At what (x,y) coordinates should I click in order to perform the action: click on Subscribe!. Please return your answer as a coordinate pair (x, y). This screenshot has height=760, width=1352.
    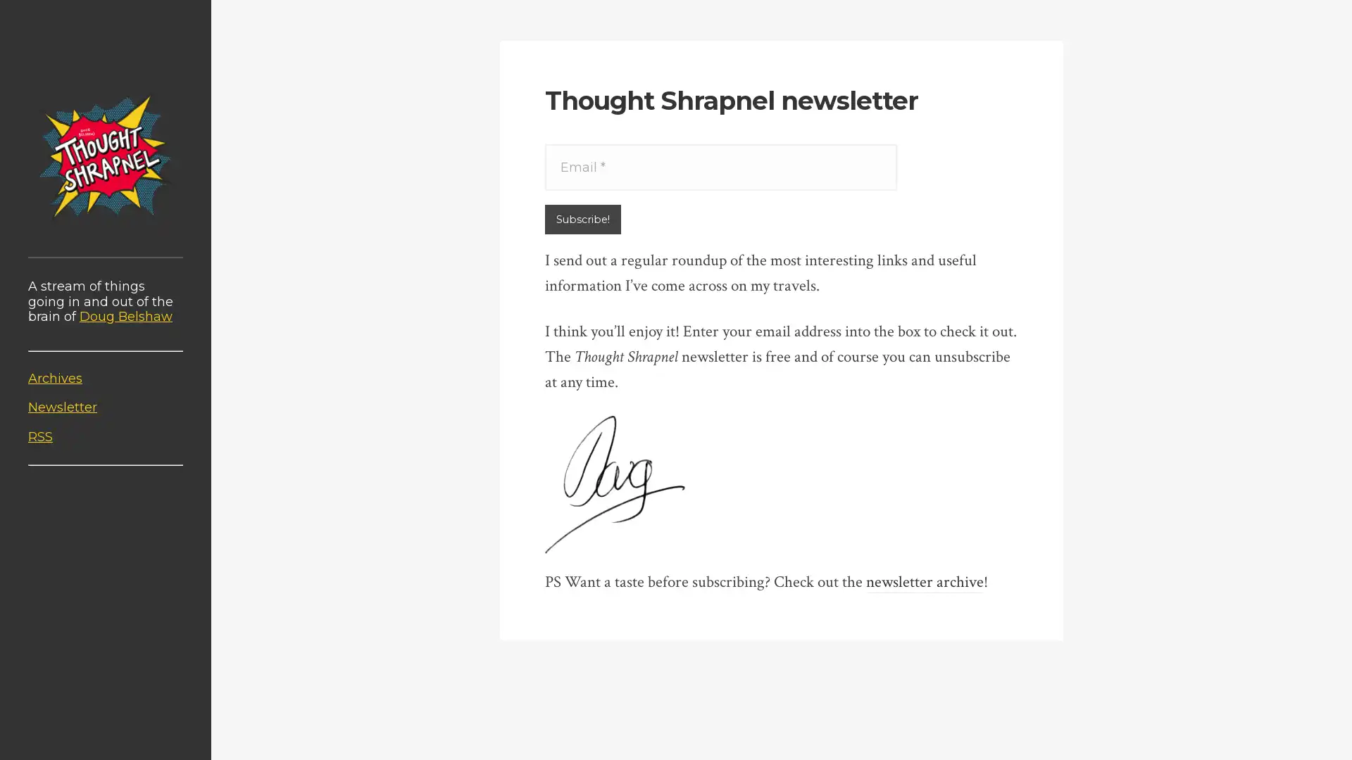
    Looking at the image, I should click on (583, 219).